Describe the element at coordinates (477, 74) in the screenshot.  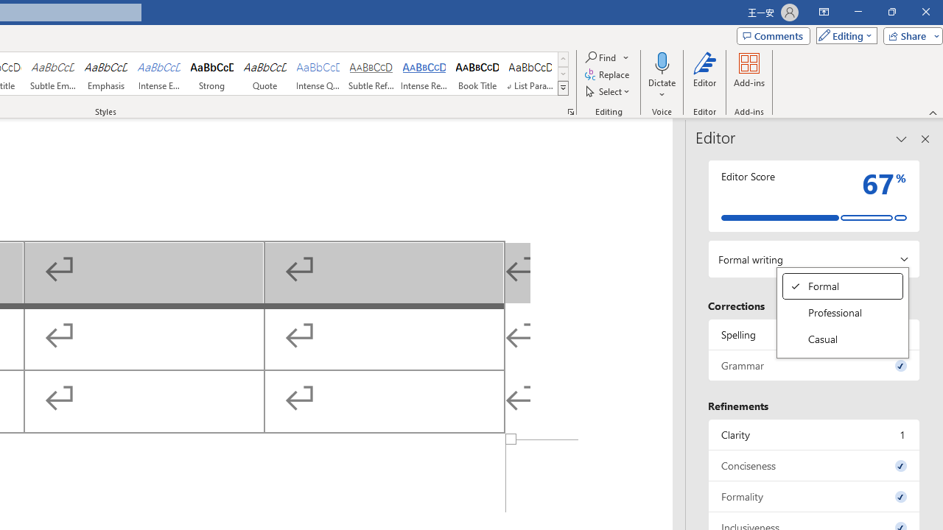
I see `'Book Title'` at that location.